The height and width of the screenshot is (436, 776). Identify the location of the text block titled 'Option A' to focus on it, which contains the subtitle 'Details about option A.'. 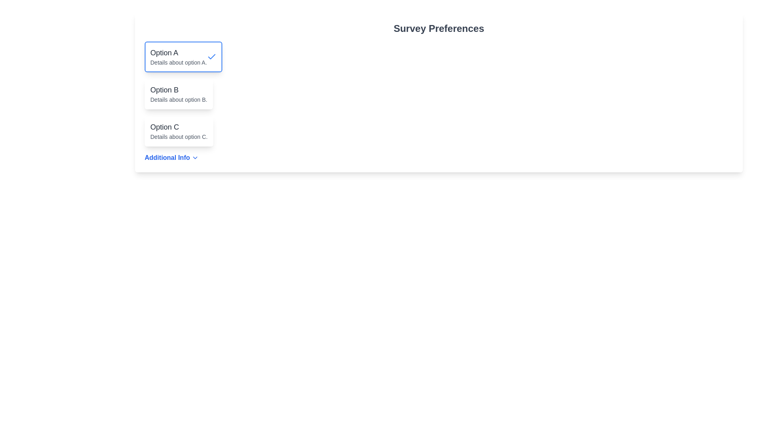
(178, 57).